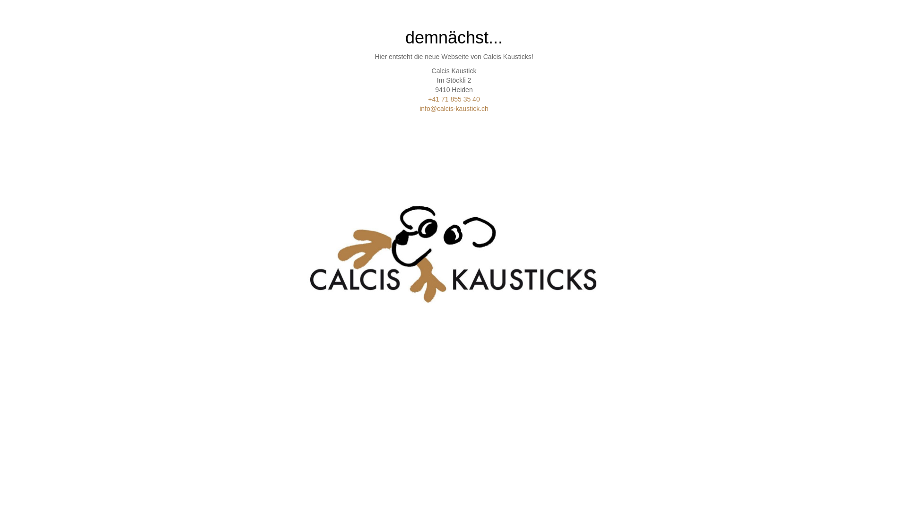 The height and width of the screenshot is (510, 908). What do you see at coordinates (453, 99) in the screenshot?
I see `'+41 71 855 35 40'` at bounding box center [453, 99].